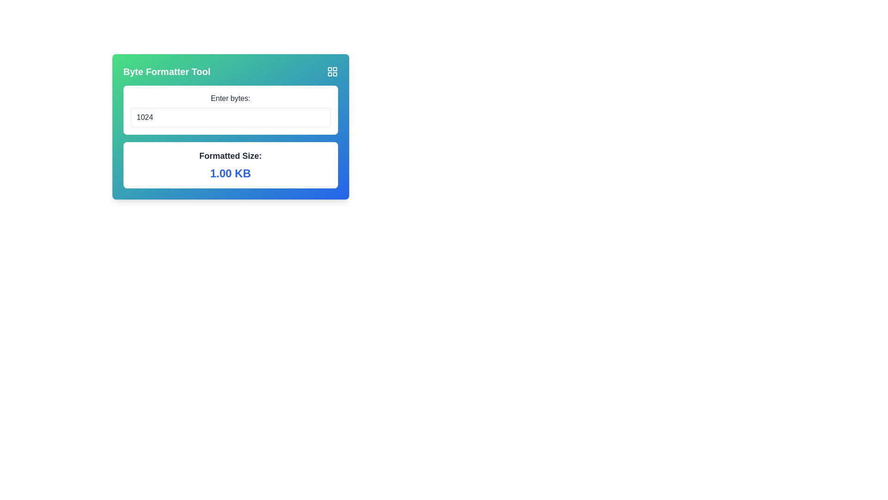 The width and height of the screenshot is (888, 500). Describe the element at coordinates (230, 155) in the screenshot. I see `the text label displaying 'Formatted Size:', which is styled in bold and located in the middle-lower part of the card layout, positioned above the size value and below an input box` at that location.